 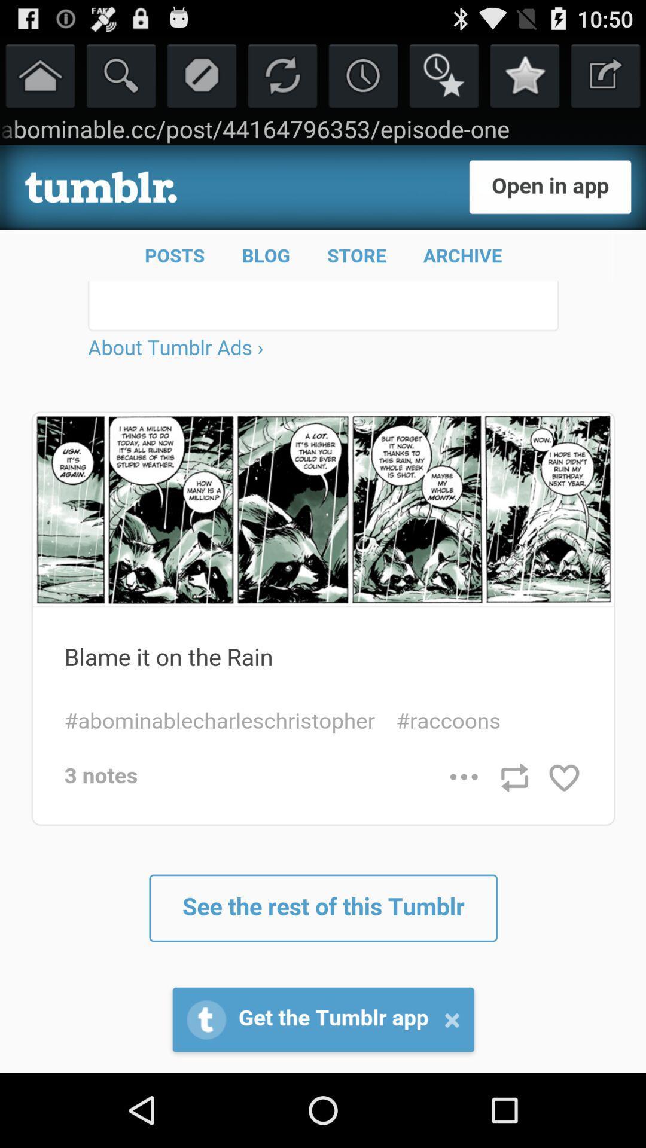 I want to click on bookmark this page, so click(x=524, y=74).